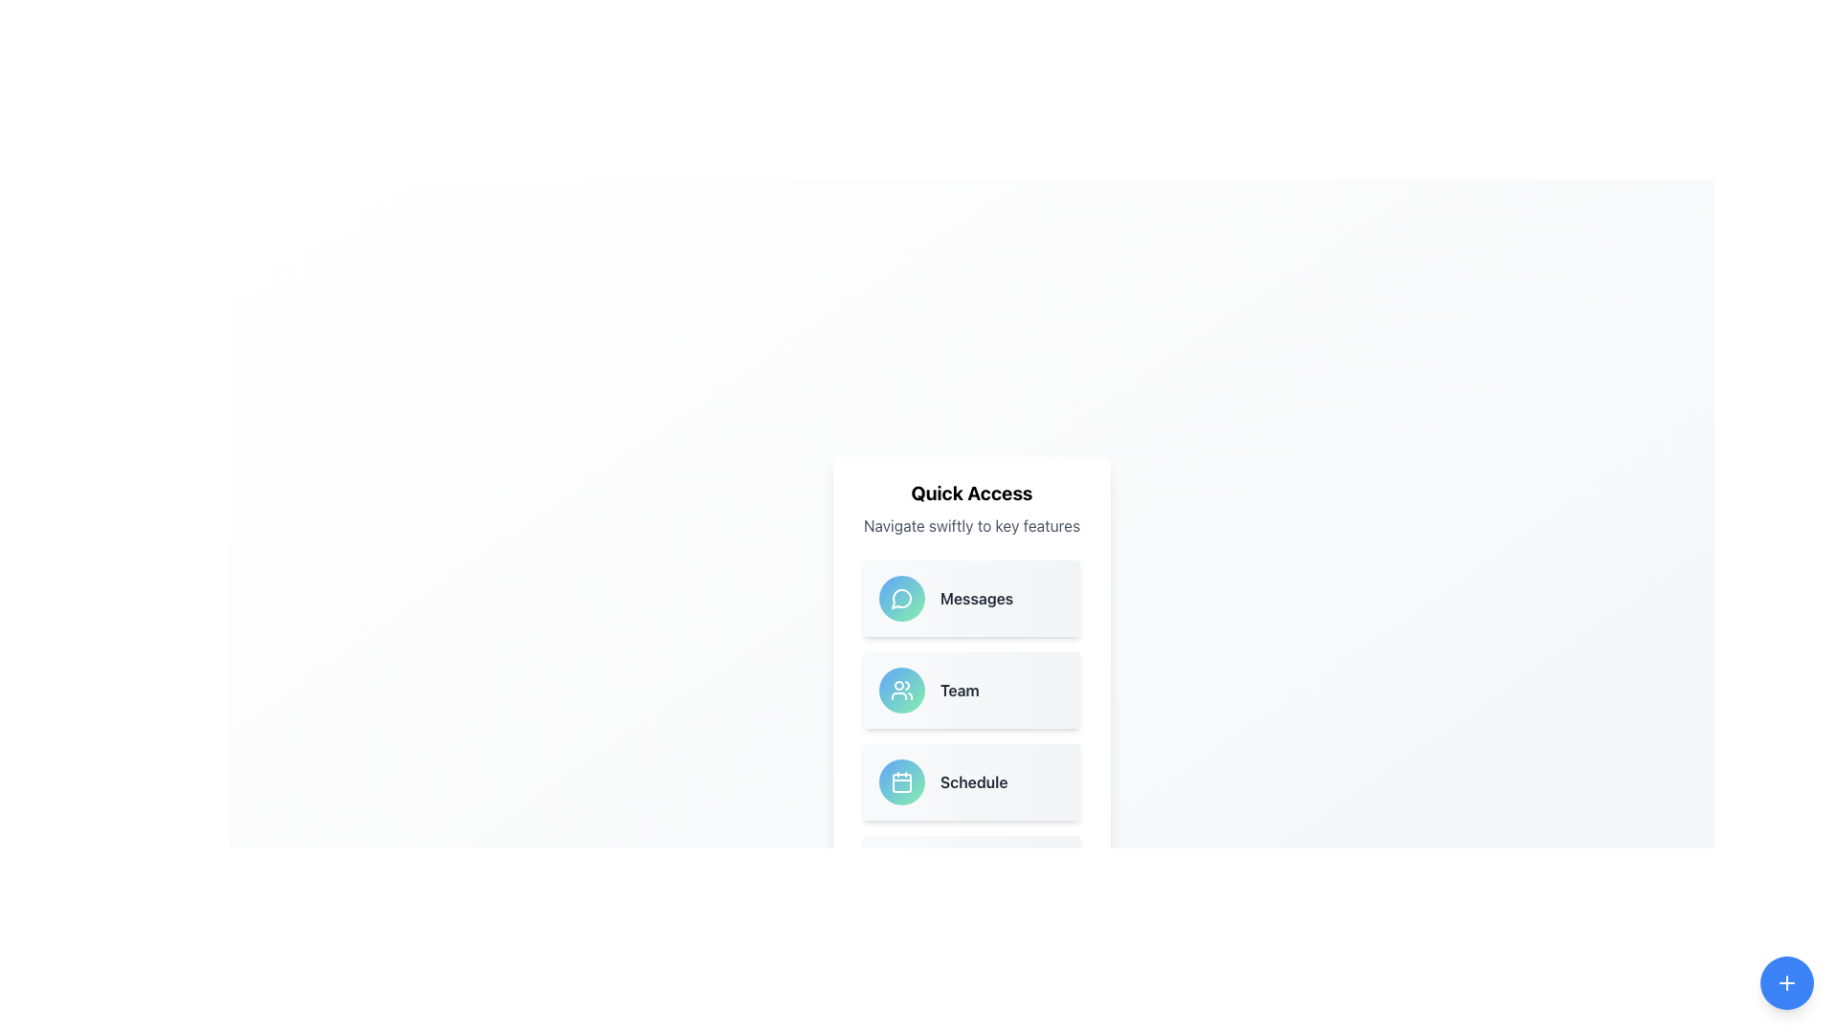  Describe the element at coordinates (960, 690) in the screenshot. I see `the 'Team' label within the 'Quick Access' card, which is the second item in the list and is right-aligned with an icon on the left side` at that location.